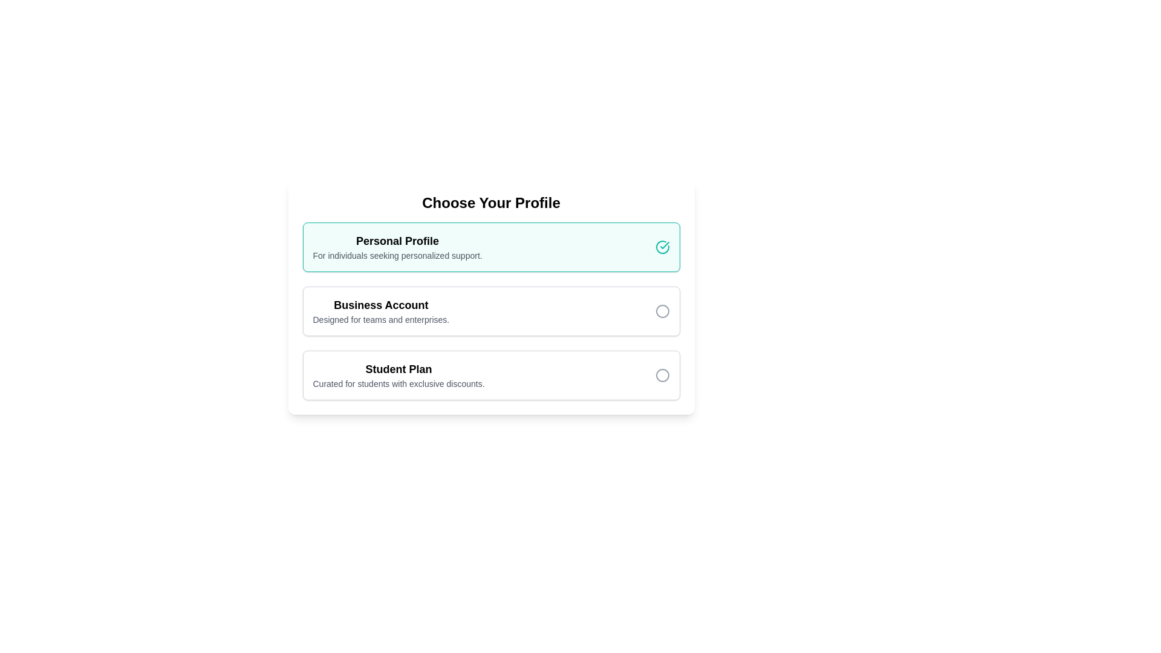 The width and height of the screenshot is (1161, 653). I want to click on the Business Account selectable card, which is the middle choice in the 'Choose Your Profile' section, so click(491, 311).